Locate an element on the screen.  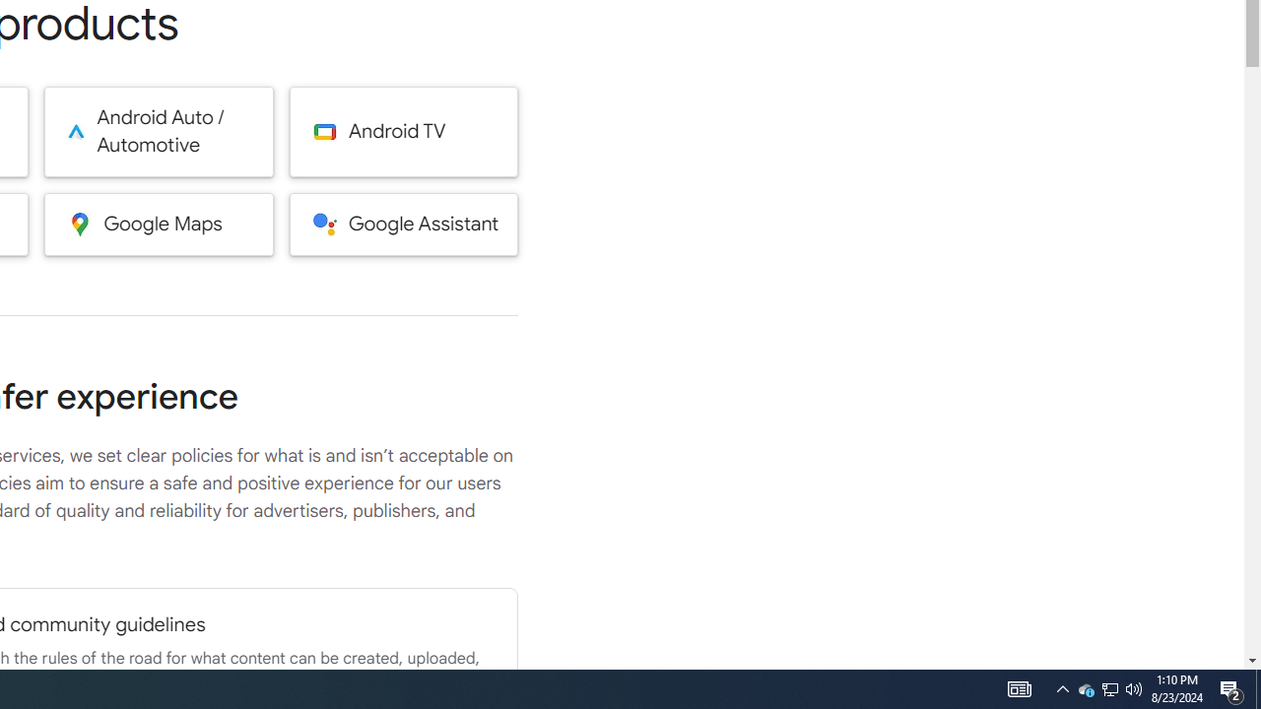
'Google Assistant' is located at coordinates (403, 223).